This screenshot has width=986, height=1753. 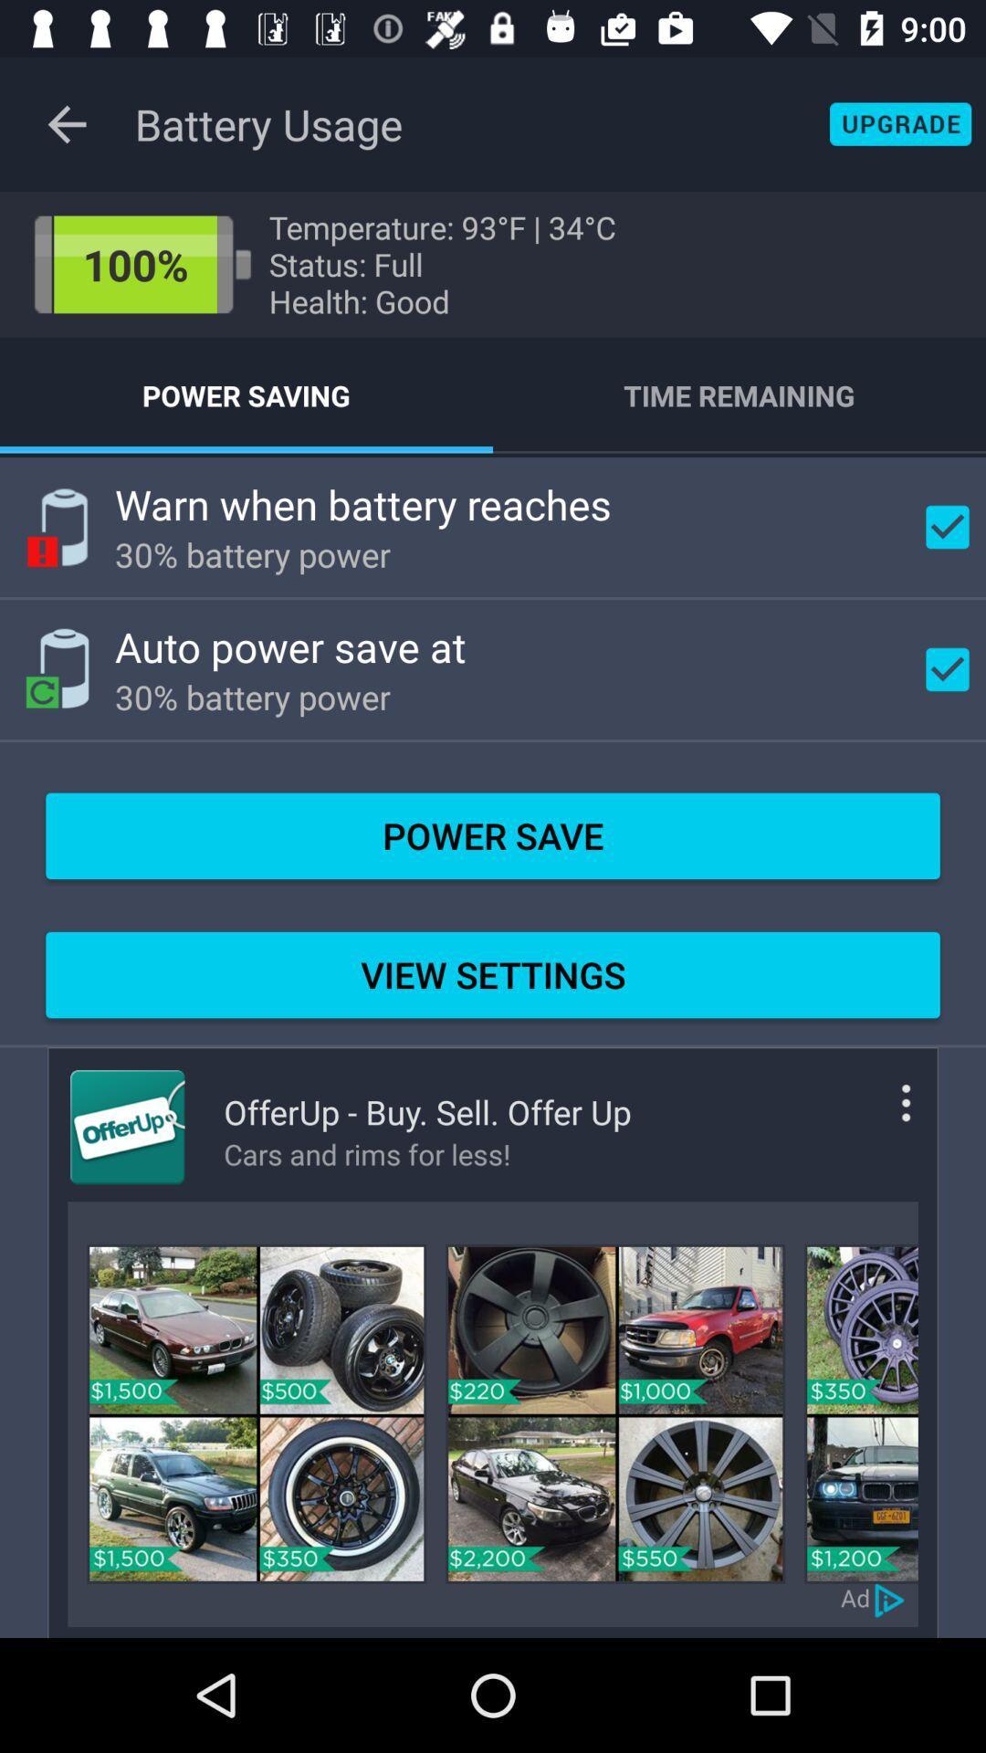 What do you see at coordinates (899, 123) in the screenshot?
I see `upgrade` at bounding box center [899, 123].